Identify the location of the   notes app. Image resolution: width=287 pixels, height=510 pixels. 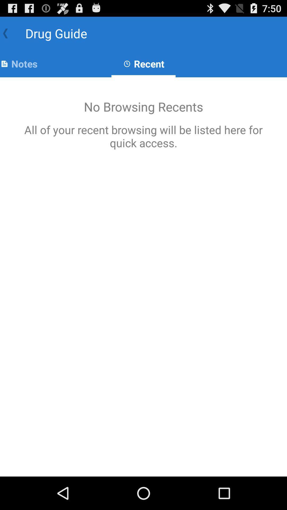
(18, 64).